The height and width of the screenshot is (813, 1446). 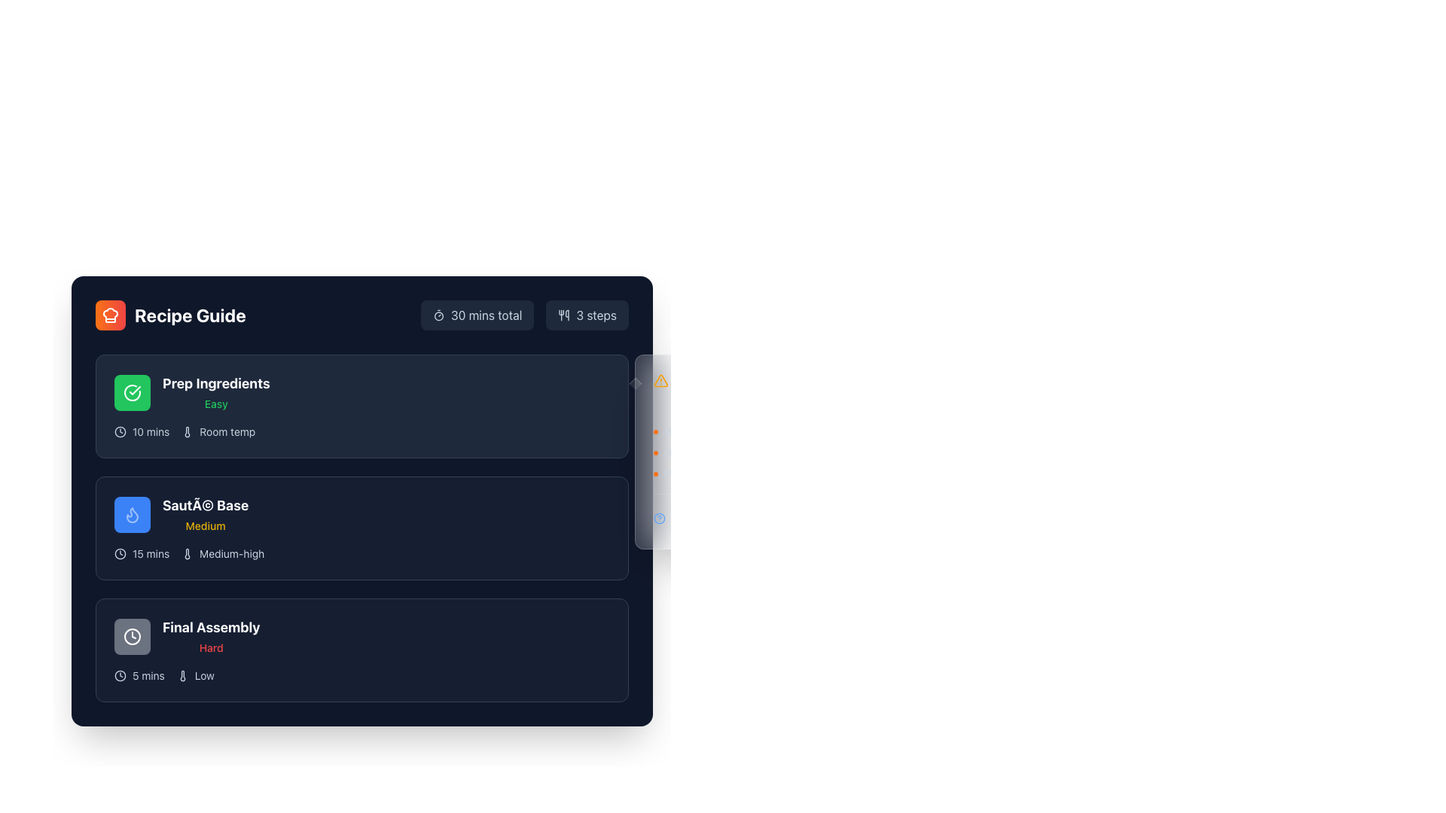 What do you see at coordinates (210, 636) in the screenshot?
I see `the Static Text element displaying 'Final Assembly' in a large, bold white font, located in the third section of the list, above the smaller red text 'Hard'` at bounding box center [210, 636].